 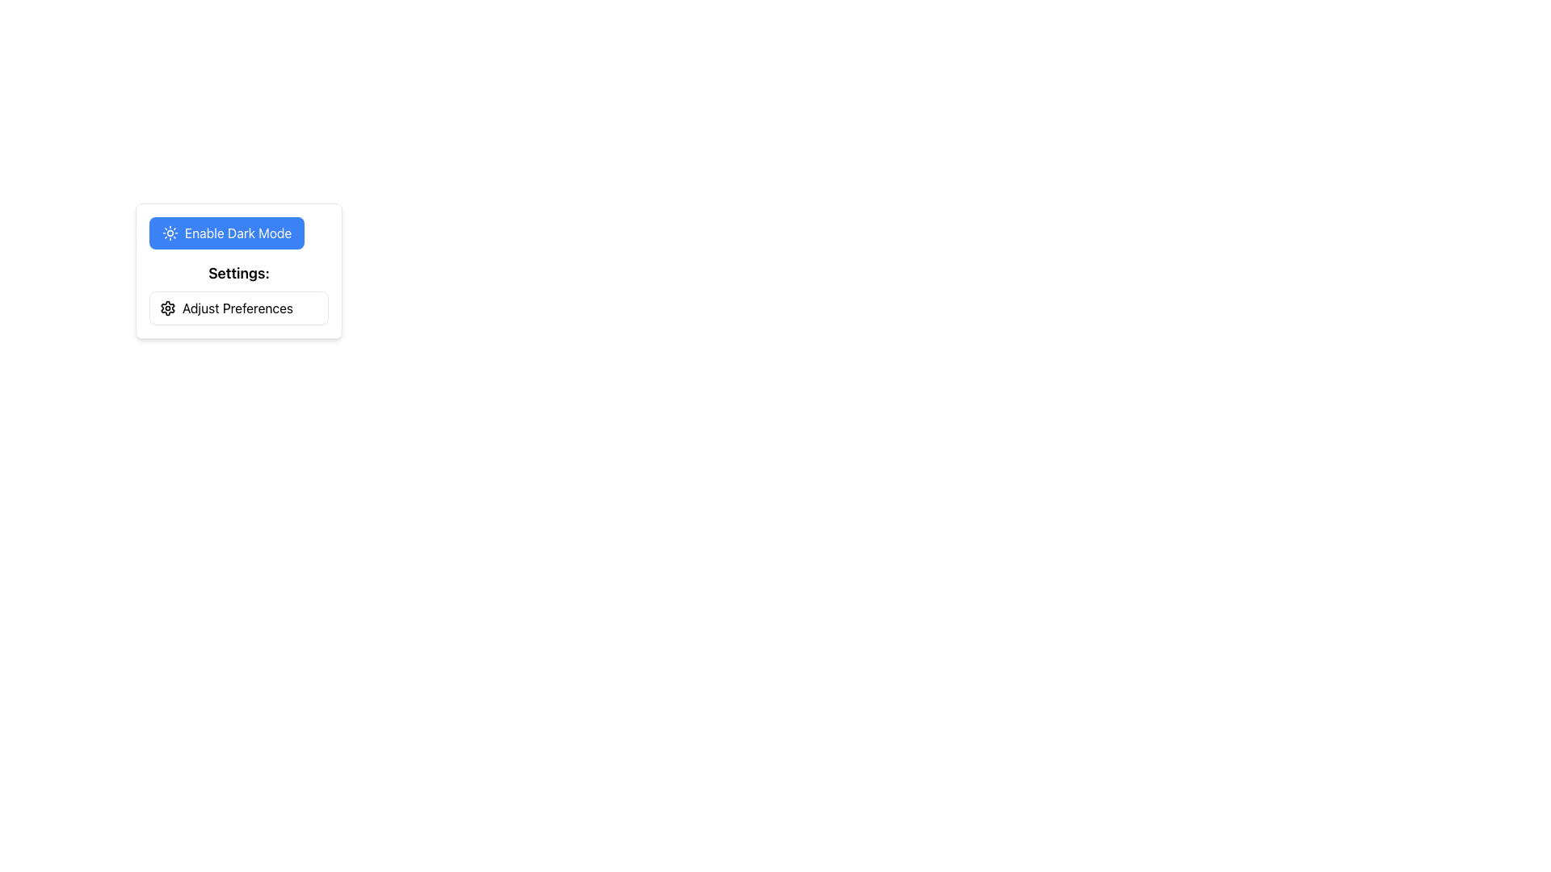 What do you see at coordinates (238, 233) in the screenshot?
I see `the button labeled 'Enable Dark Mode' with a blue background and a sun icon` at bounding box center [238, 233].